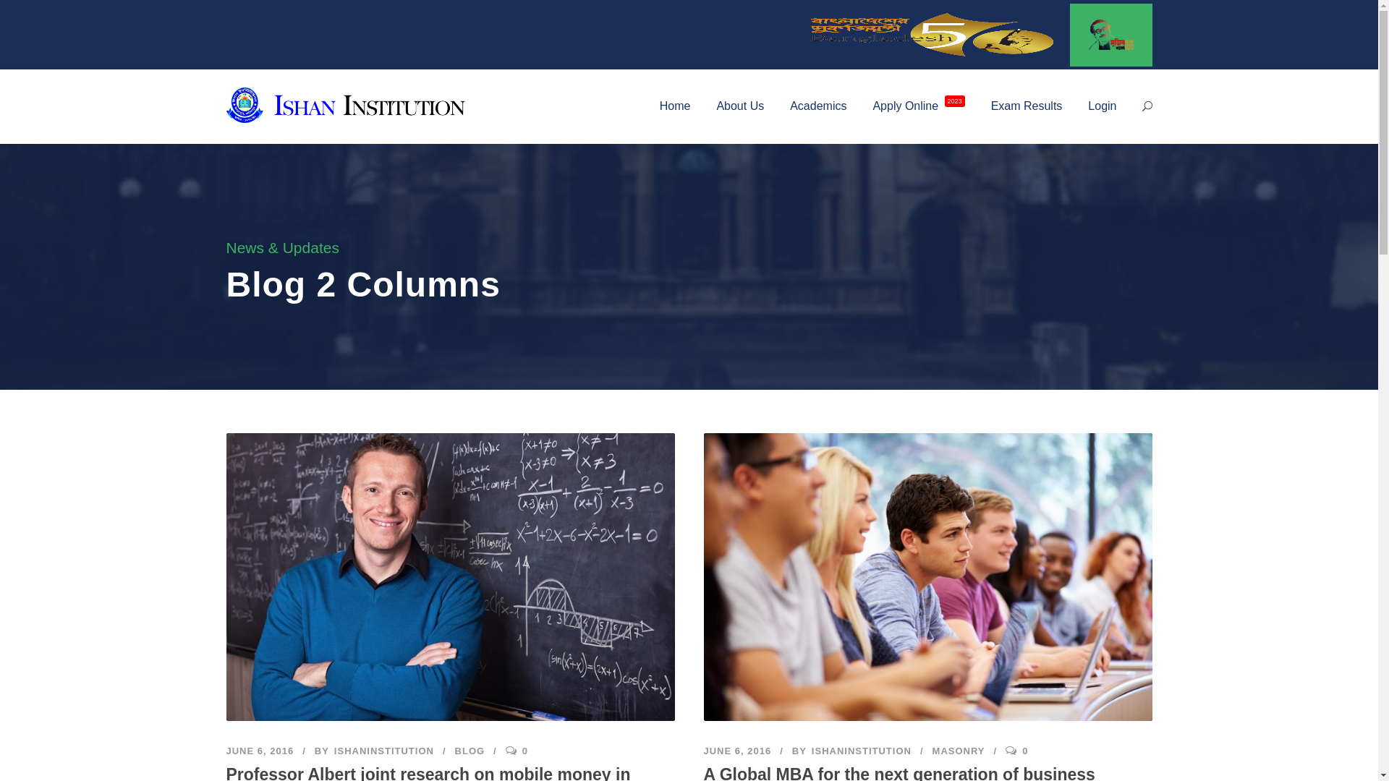 The height and width of the screenshot is (781, 1389). I want to click on 'Academics', so click(789, 117).